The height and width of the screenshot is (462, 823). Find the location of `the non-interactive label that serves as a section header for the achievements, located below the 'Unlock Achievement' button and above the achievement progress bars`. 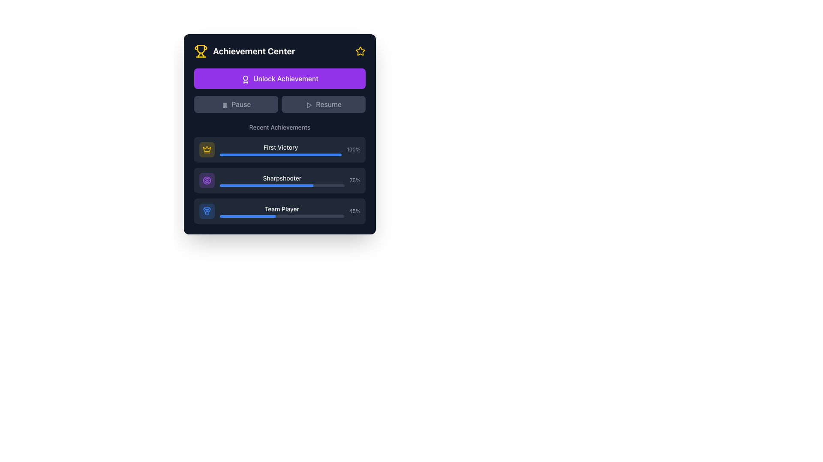

the non-interactive label that serves as a section header for the achievements, located below the 'Unlock Achievement' button and above the achievement progress bars is located at coordinates (279, 127).